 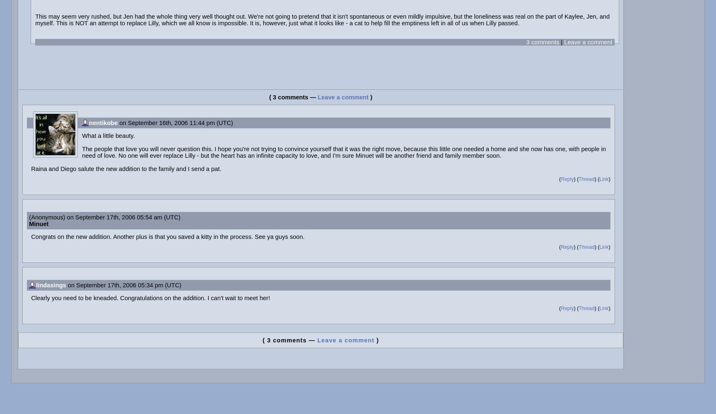 What do you see at coordinates (542, 41) in the screenshot?
I see `'3 comments'` at bounding box center [542, 41].